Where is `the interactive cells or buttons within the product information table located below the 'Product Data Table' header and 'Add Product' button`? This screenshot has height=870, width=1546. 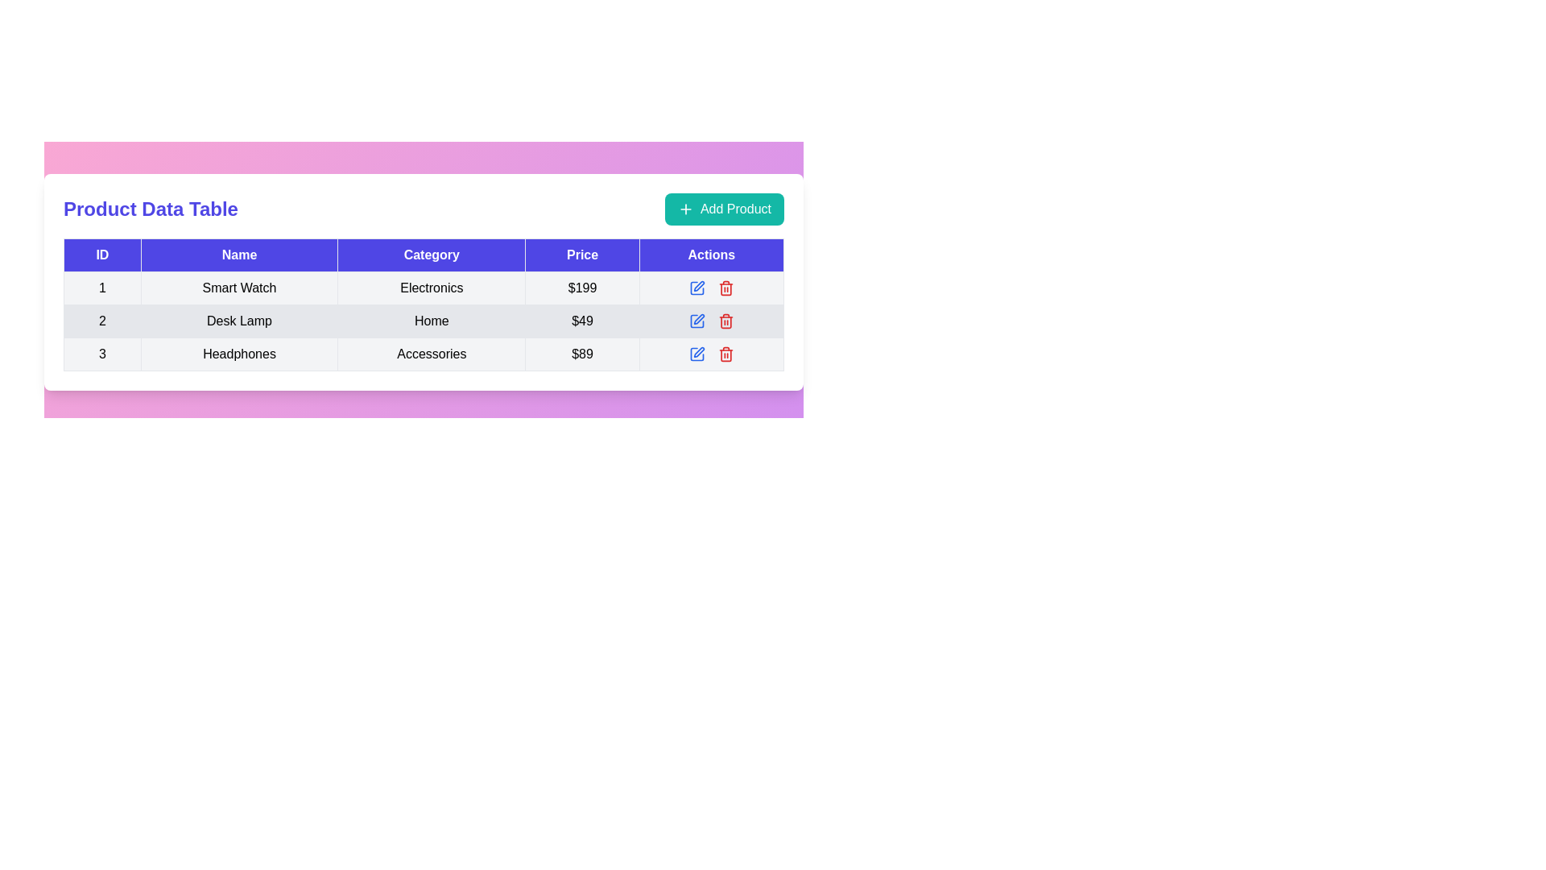 the interactive cells or buttons within the product information table located below the 'Product Data Table' header and 'Add Product' button is located at coordinates (424, 281).